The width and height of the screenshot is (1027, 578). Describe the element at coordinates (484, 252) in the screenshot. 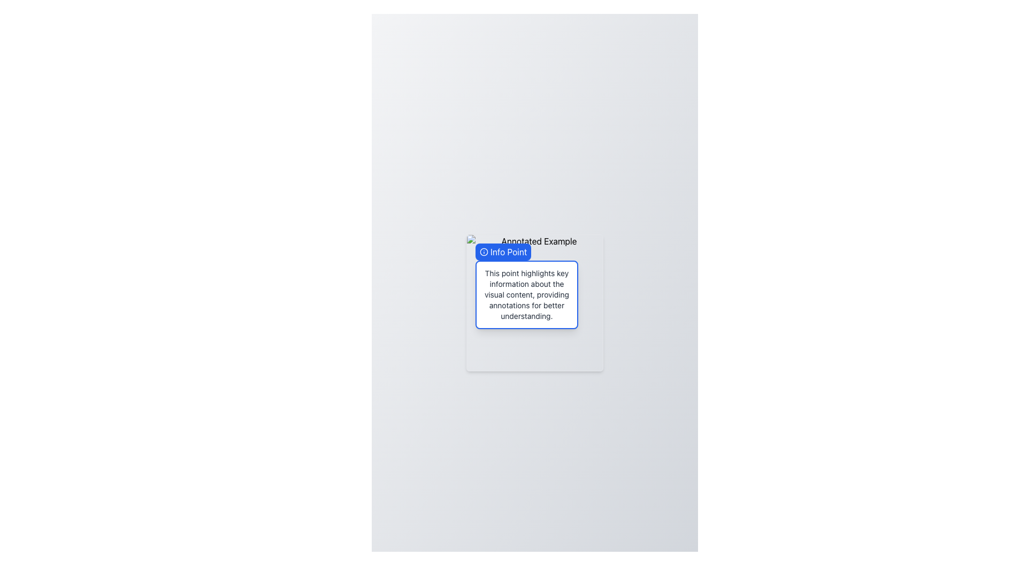

I see `the central SVG Circle element that visually represents an information marker near the title 'Info Point'` at that location.